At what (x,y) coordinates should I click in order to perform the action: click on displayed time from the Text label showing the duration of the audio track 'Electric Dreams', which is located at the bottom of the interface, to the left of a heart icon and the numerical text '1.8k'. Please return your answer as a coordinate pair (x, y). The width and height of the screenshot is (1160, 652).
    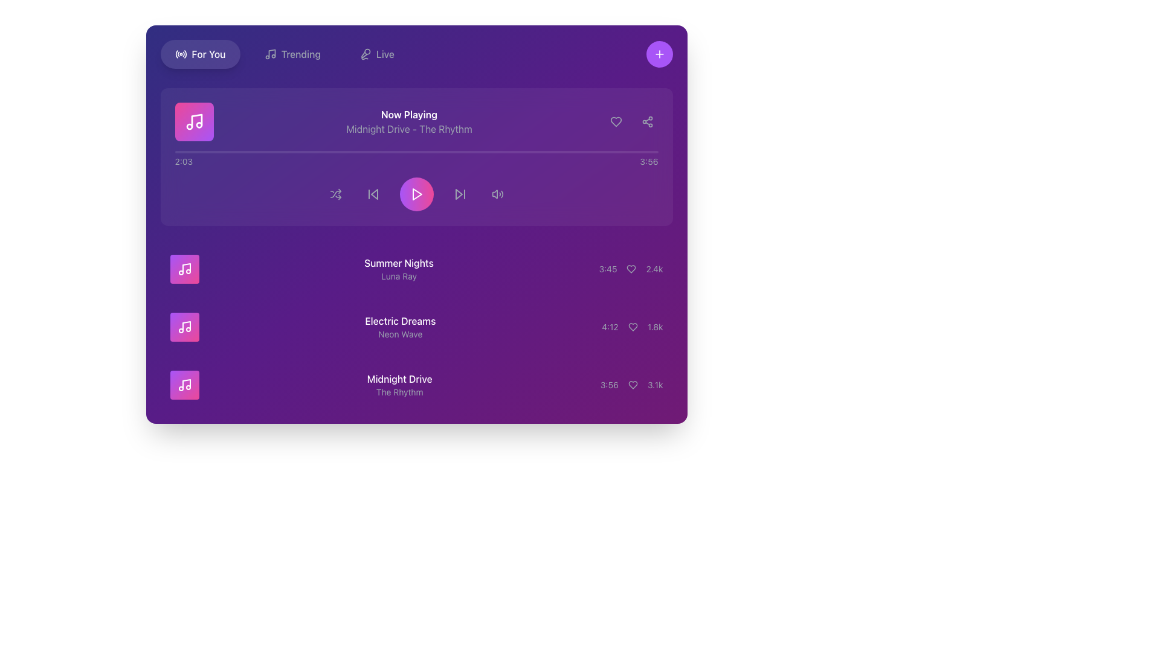
    Looking at the image, I should click on (610, 327).